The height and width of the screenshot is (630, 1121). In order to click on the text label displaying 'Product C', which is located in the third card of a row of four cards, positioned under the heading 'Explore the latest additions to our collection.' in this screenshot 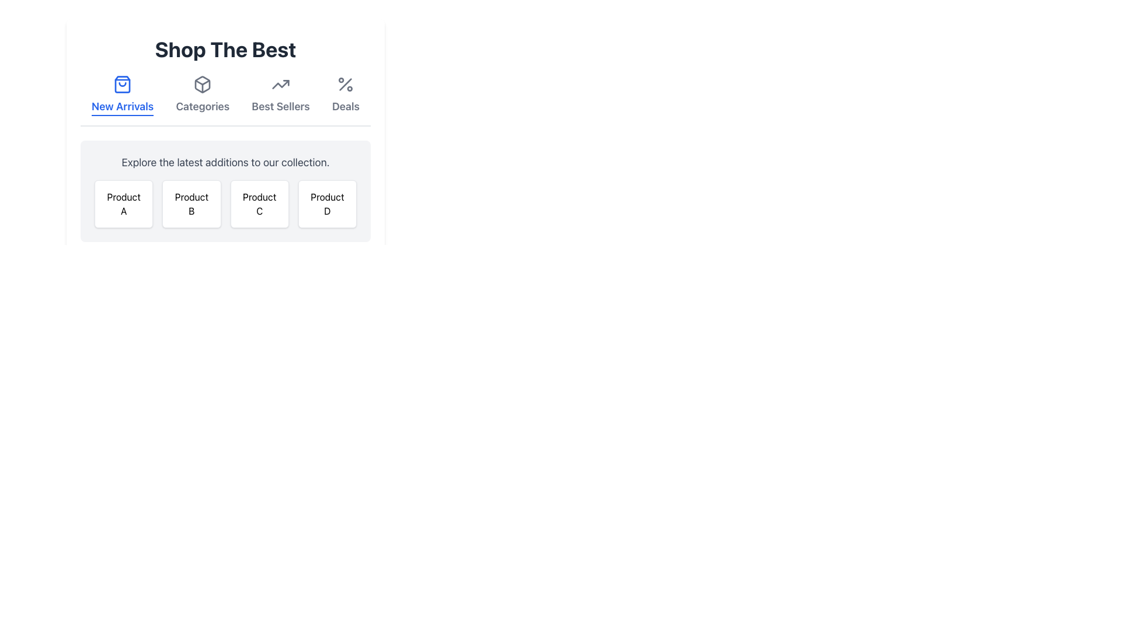, I will do `click(259, 204)`.